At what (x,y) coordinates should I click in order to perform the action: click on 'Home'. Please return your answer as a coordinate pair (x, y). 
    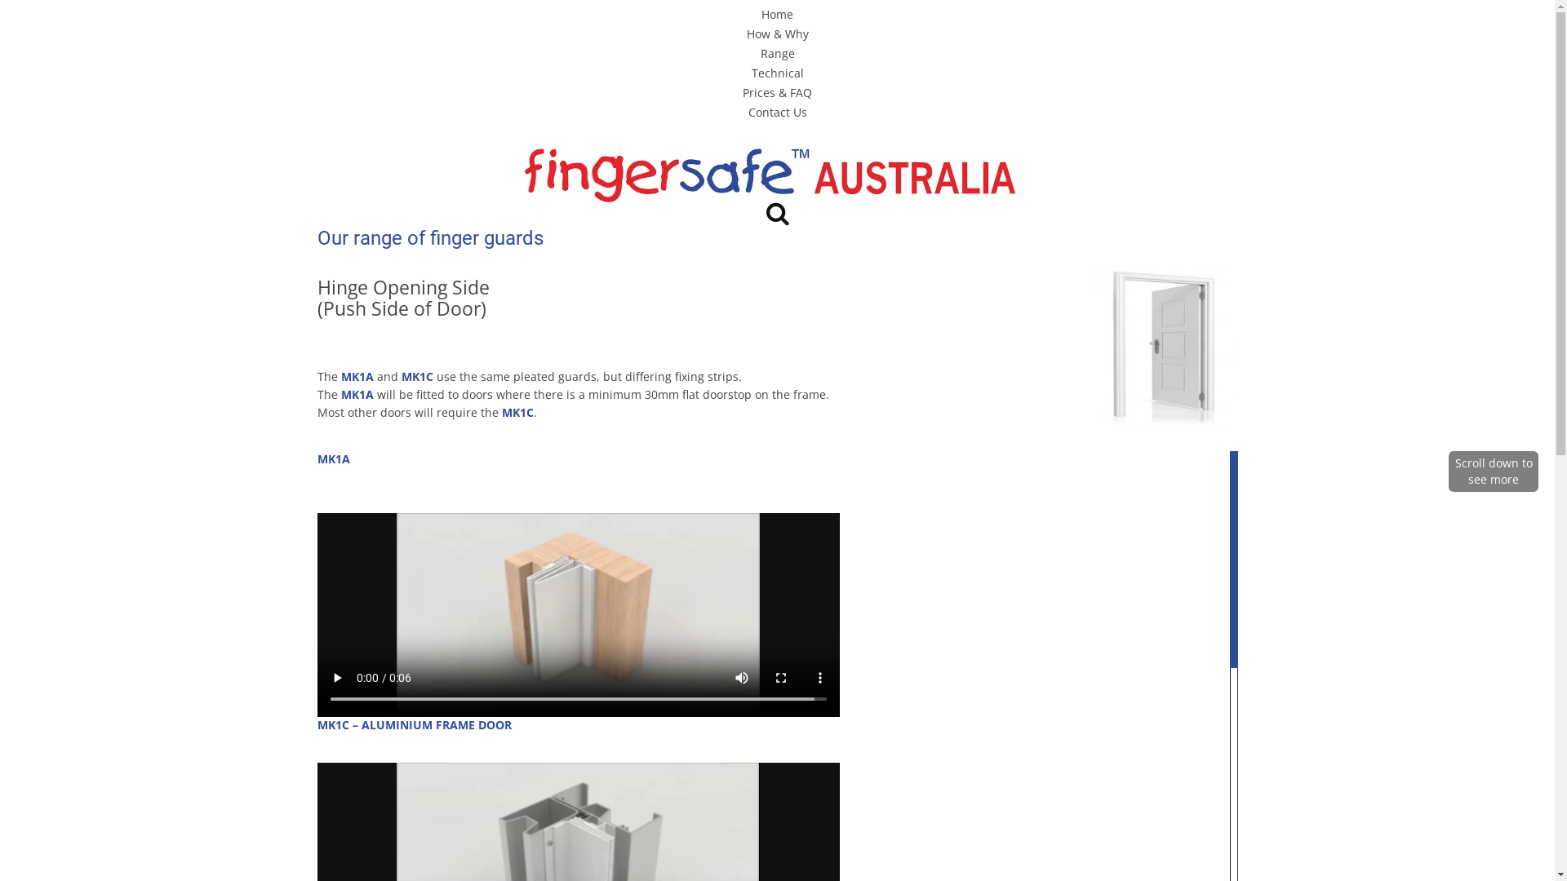
    Looking at the image, I should click on (760, 14).